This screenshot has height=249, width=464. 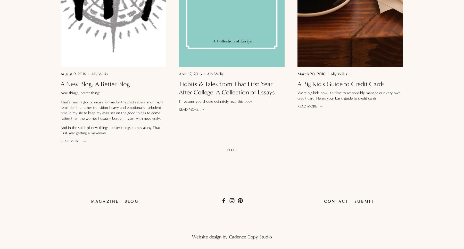 What do you see at coordinates (364, 201) in the screenshot?
I see `'SUBMIT'` at bounding box center [364, 201].